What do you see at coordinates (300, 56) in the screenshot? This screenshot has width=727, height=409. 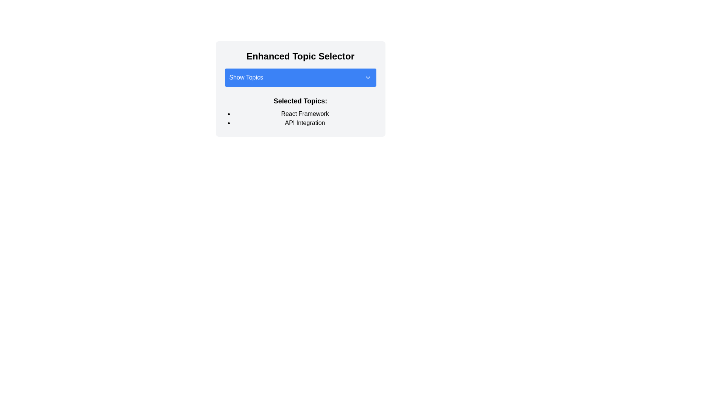 I see `prominent text label displaying the title 'Enhanced Topic Selector' located at the top of the panel with a light gray background` at bounding box center [300, 56].